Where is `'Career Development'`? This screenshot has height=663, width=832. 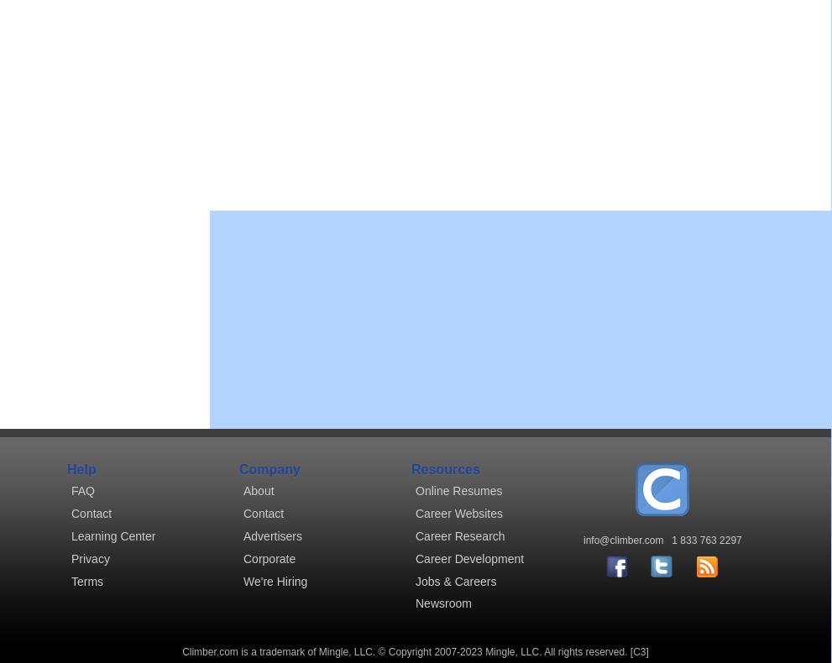
'Career Development' is located at coordinates (468, 557).